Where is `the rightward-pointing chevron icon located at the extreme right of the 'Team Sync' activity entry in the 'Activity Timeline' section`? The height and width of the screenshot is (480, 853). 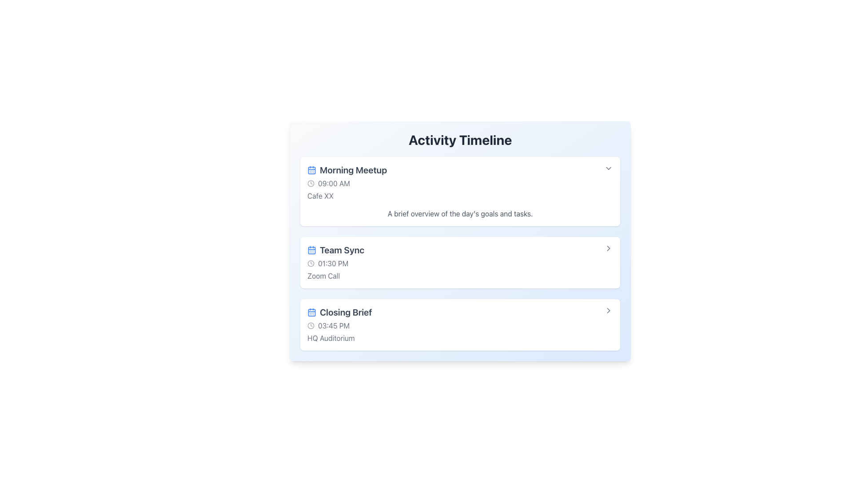
the rightward-pointing chevron icon located at the extreme right of the 'Team Sync' activity entry in the 'Activity Timeline' section is located at coordinates (608, 248).